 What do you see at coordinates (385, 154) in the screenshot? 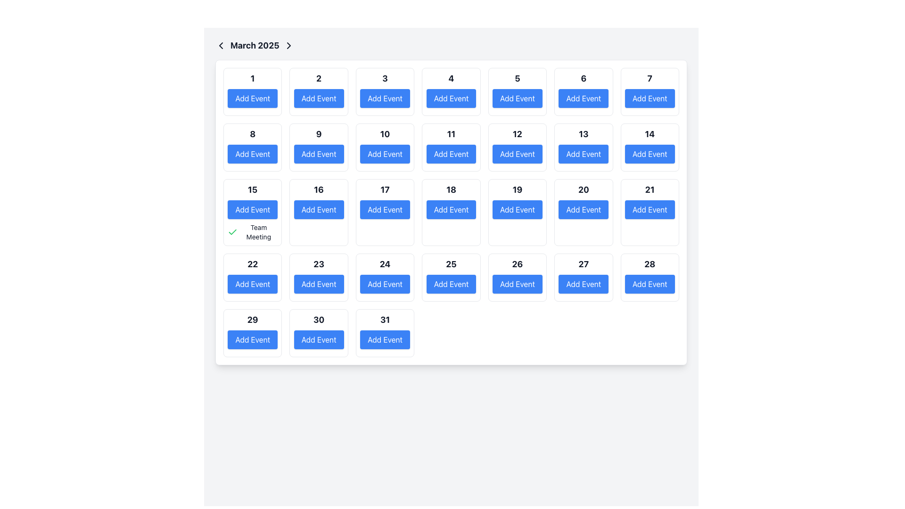
I see `the 'Add Event' button with a blue background and white text, located in the second row, fifth column of the calendar grid` at bounding box center [385, 154].